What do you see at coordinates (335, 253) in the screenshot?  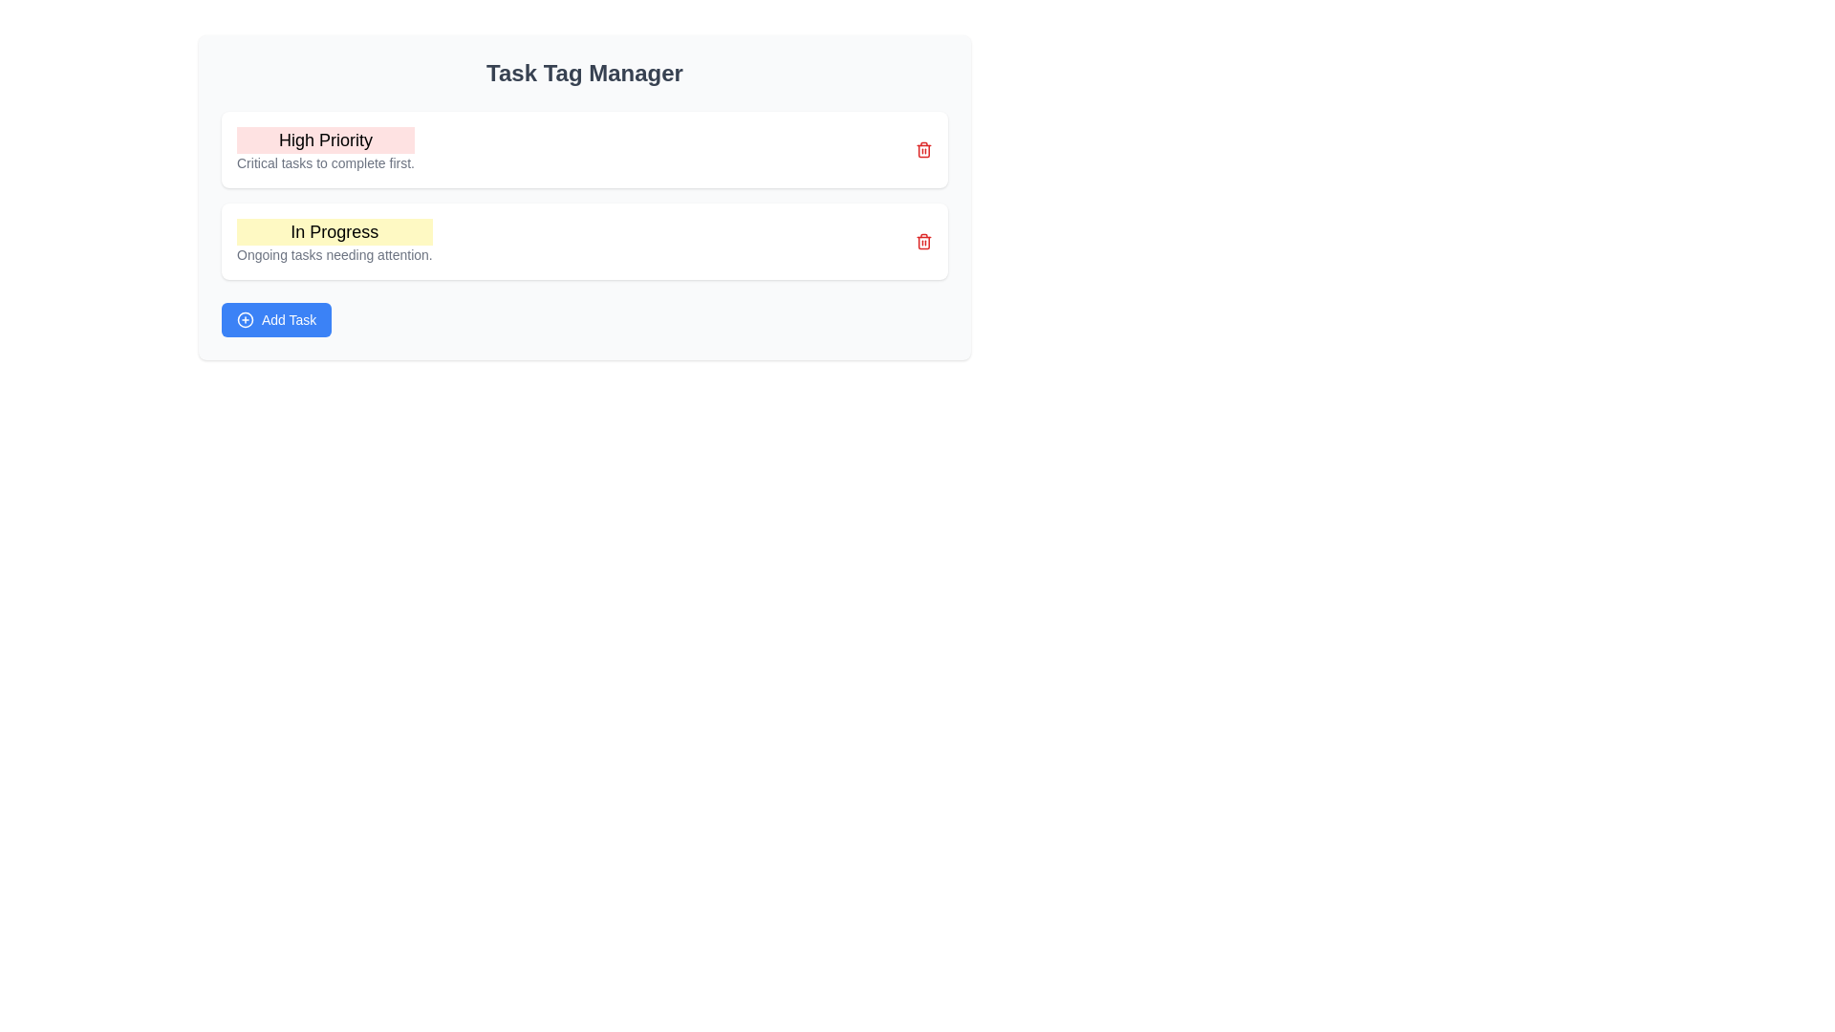 I see `the small gray text label positioned directly below the 'In Progress' heading with a yellow background` at bounding box center [335, 253].